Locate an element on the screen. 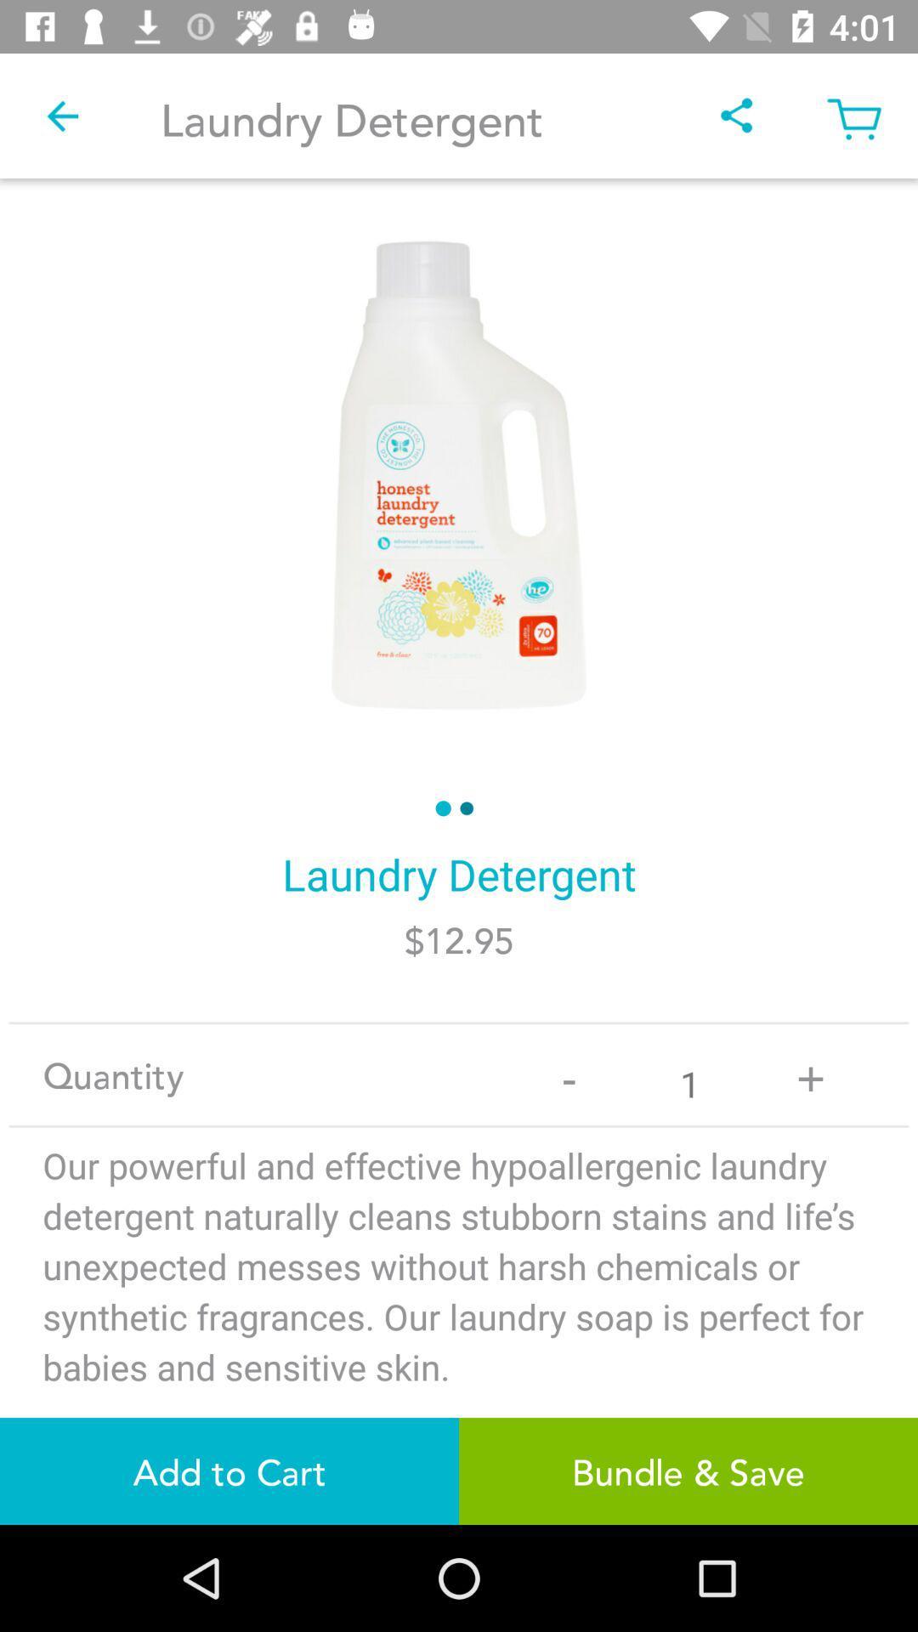 The image size is (918, 1632). icon to the right of laundry detergent icon is located at coordinates (736, 115).